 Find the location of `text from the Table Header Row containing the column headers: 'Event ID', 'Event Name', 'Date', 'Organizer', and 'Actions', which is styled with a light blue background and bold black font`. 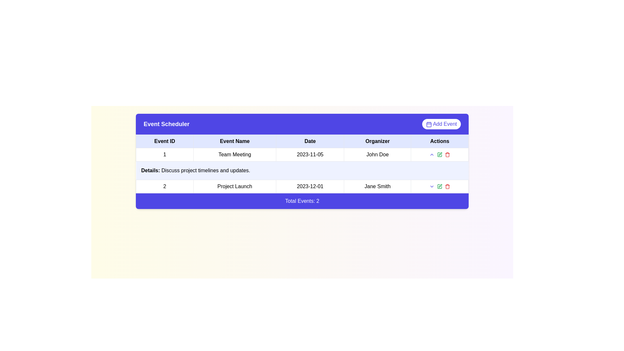

text from the Table Header Row containing the column headers: 'Event ID', 'Event Name', 'Date', 'Organizer', and 'Actions', which is styled with a light blue background and bold black font is located at coordinates (302, 141).